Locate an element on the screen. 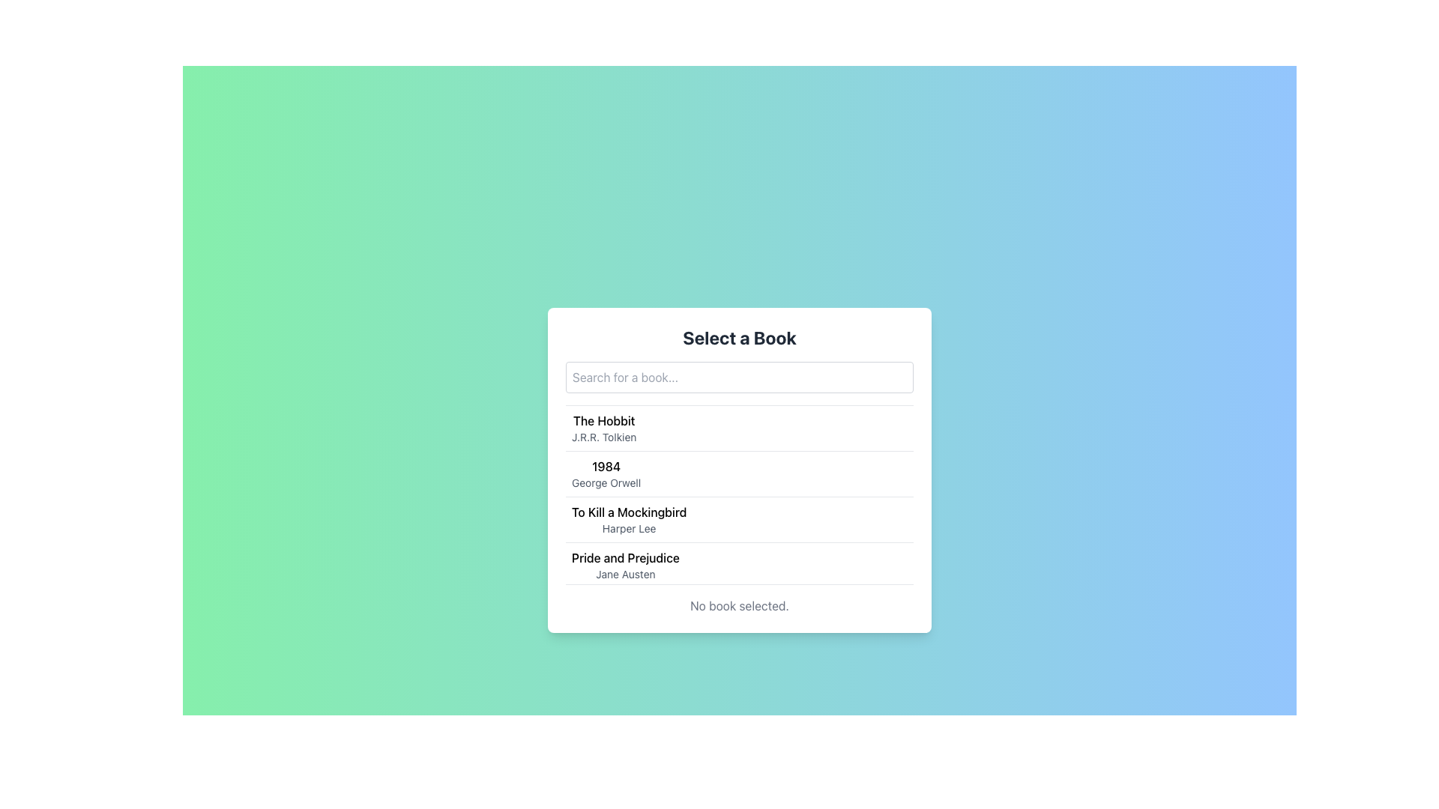  the title text element for the book entry 'To Kill a Mockingbird' is located at coordinates (629, 511).